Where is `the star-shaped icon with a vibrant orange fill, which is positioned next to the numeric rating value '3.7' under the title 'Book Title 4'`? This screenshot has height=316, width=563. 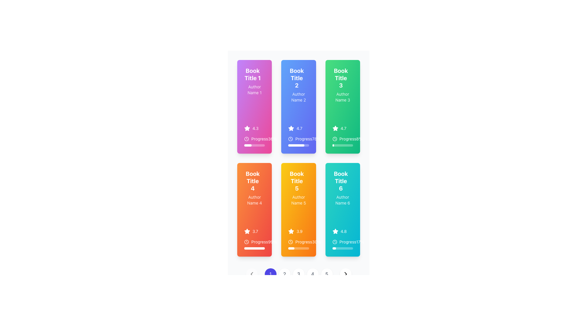
the star-shaped icon with a vibrant orange fill, which is positioned next to the numeric rating value '3.7' under the title 'Book Title 4' is located at coordinates (247, 231).